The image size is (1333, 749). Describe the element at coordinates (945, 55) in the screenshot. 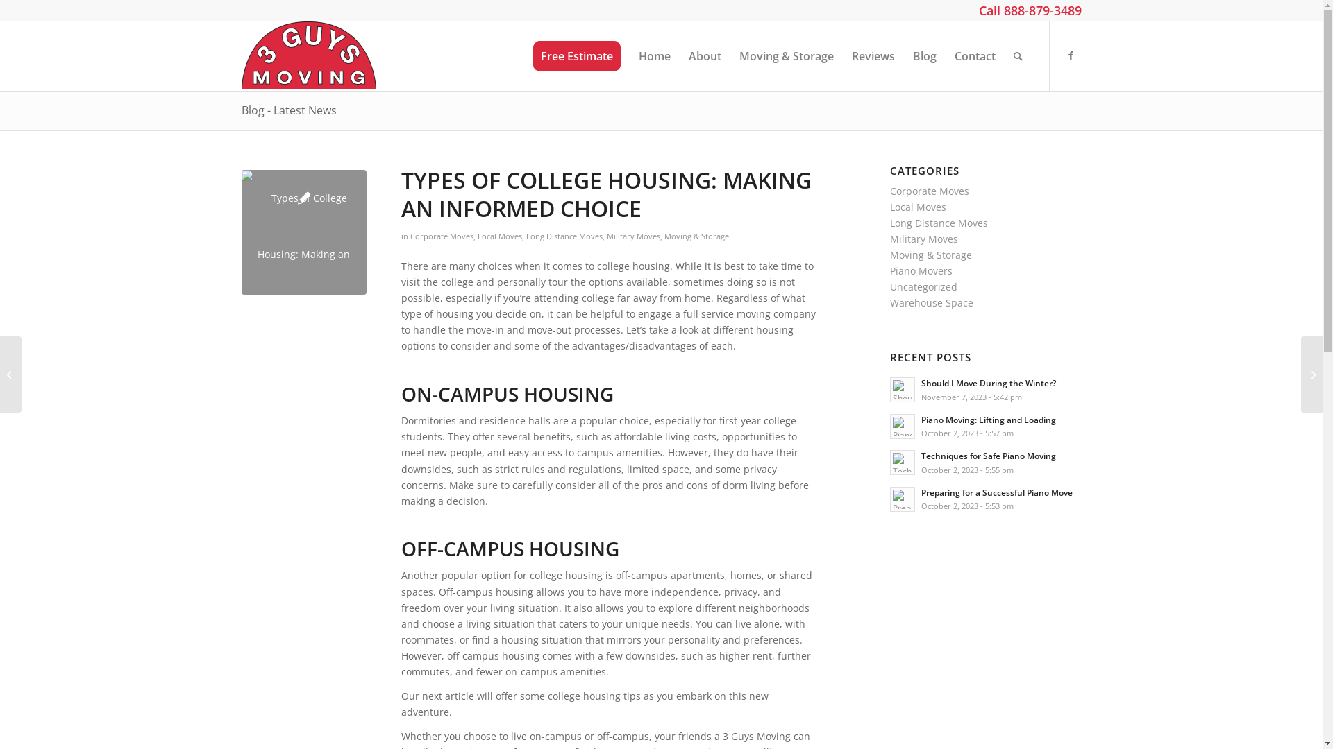

I see `'Contact'` at that location.